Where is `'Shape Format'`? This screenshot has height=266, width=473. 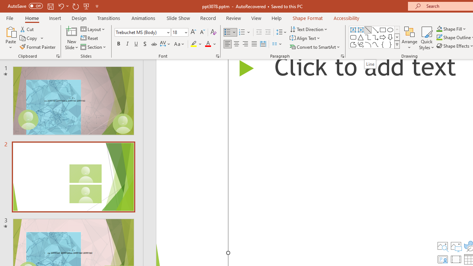
'Shape Format' is located at coordinates (307, 18).